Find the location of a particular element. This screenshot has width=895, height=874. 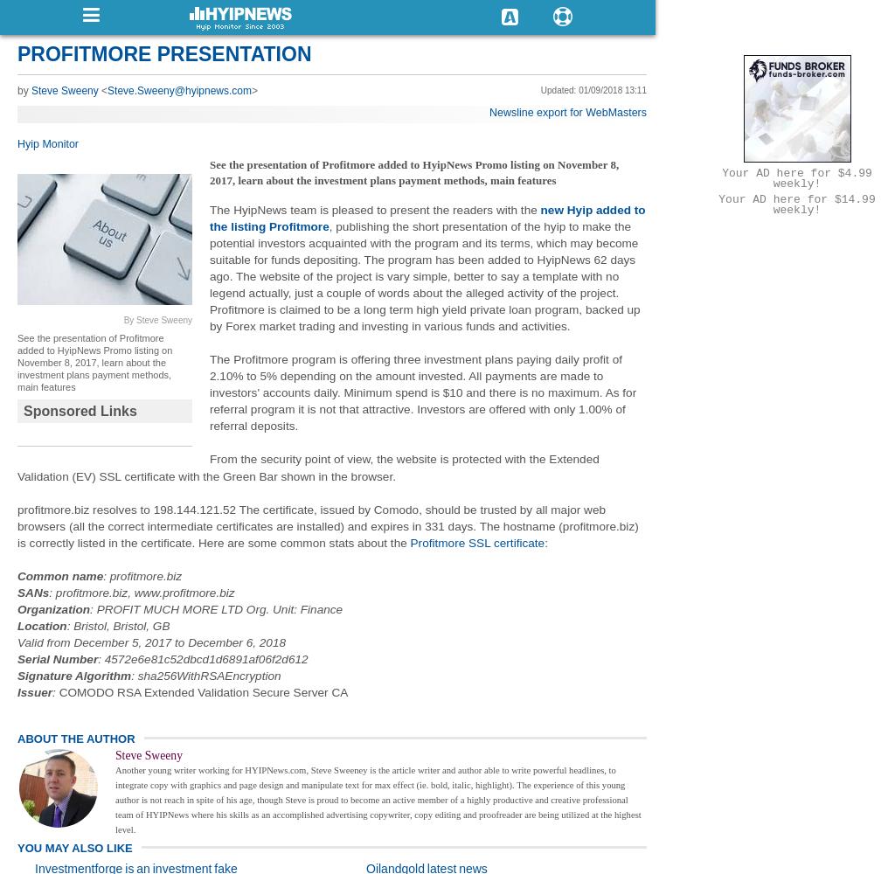

'From the security point of view, the website is protected with the Extended Validation (EV) SSL certificate with the Green Bar shown in the browser.' is located at coordinates (308, 468).